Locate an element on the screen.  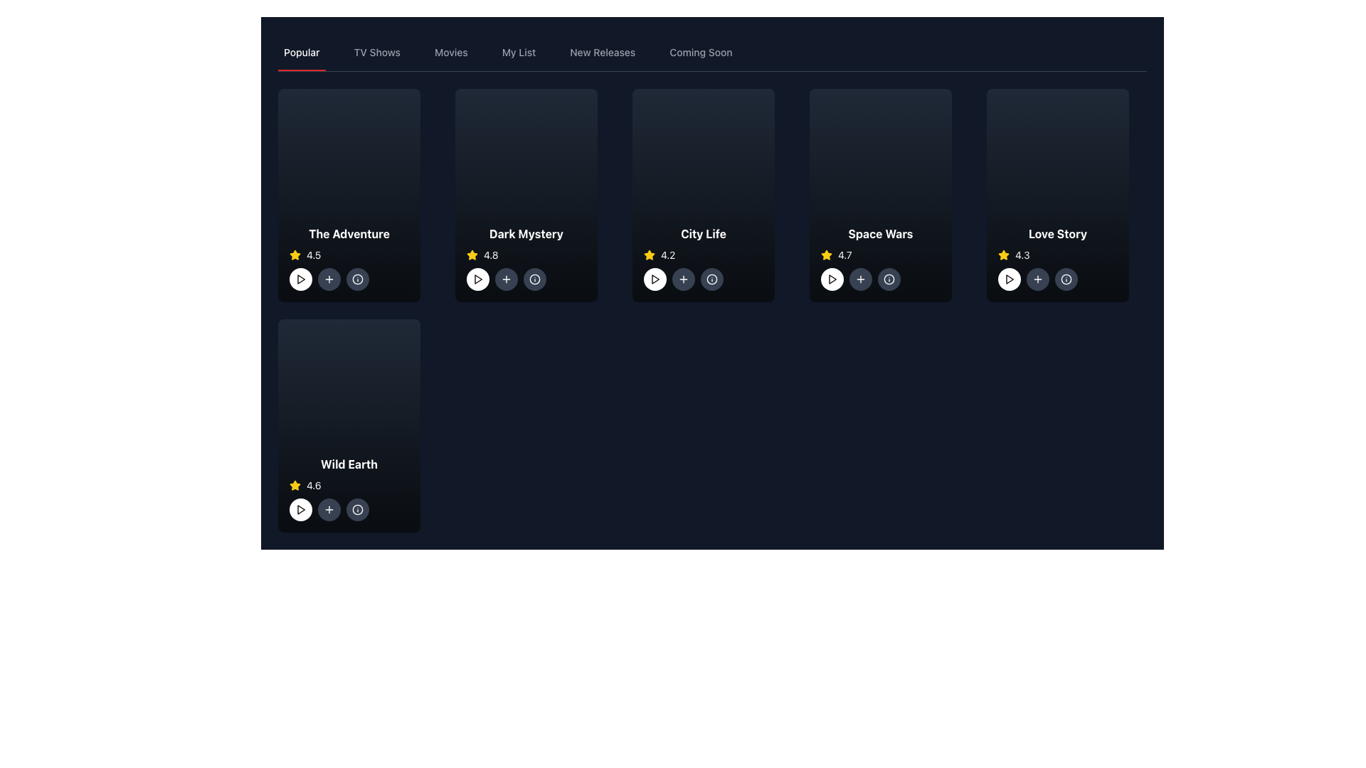
the info icon embedded in the button associated with the 'City Life' movie card is located at coordinates (712, 279).